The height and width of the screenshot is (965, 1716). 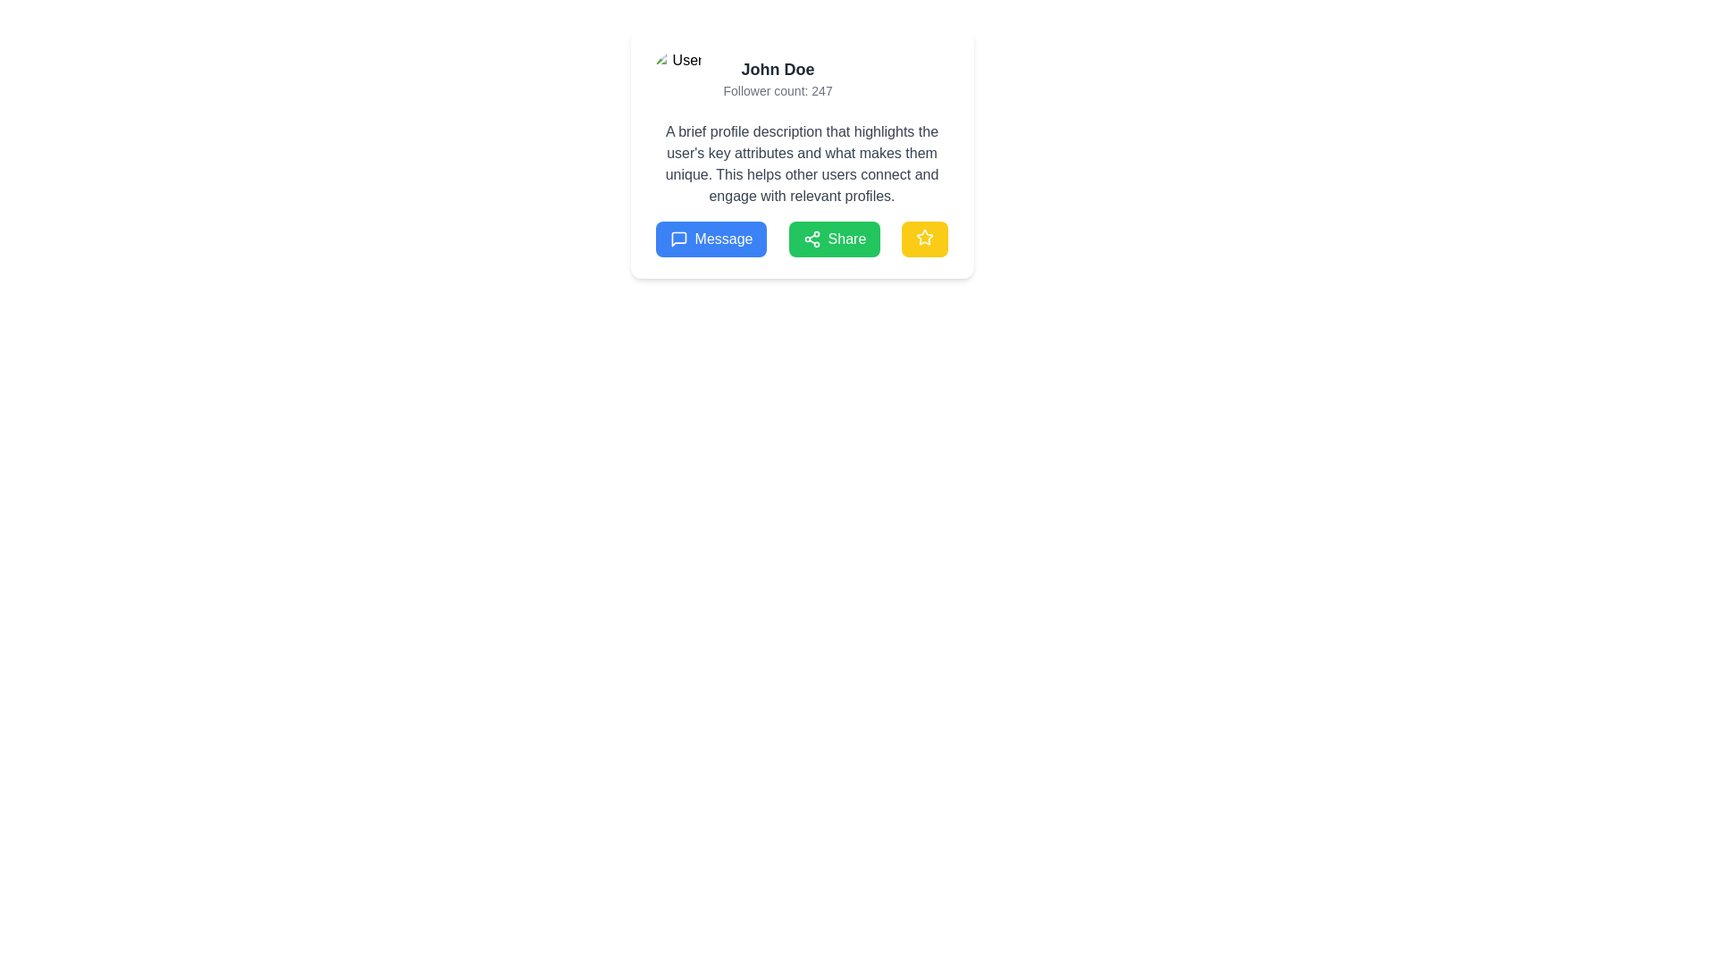 I want to click on the 'Message' button which contains a small chat bubble icon, centrally positioned within the button, so click(x=677, y=238).